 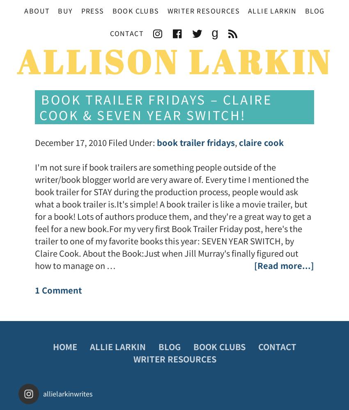 What do you see at coordinates (155, 107) in the screenshot?
I see `'Book Trailer Fridays – Claire Cook & Seven Year Switch!'` at bounding box center [155, 107].